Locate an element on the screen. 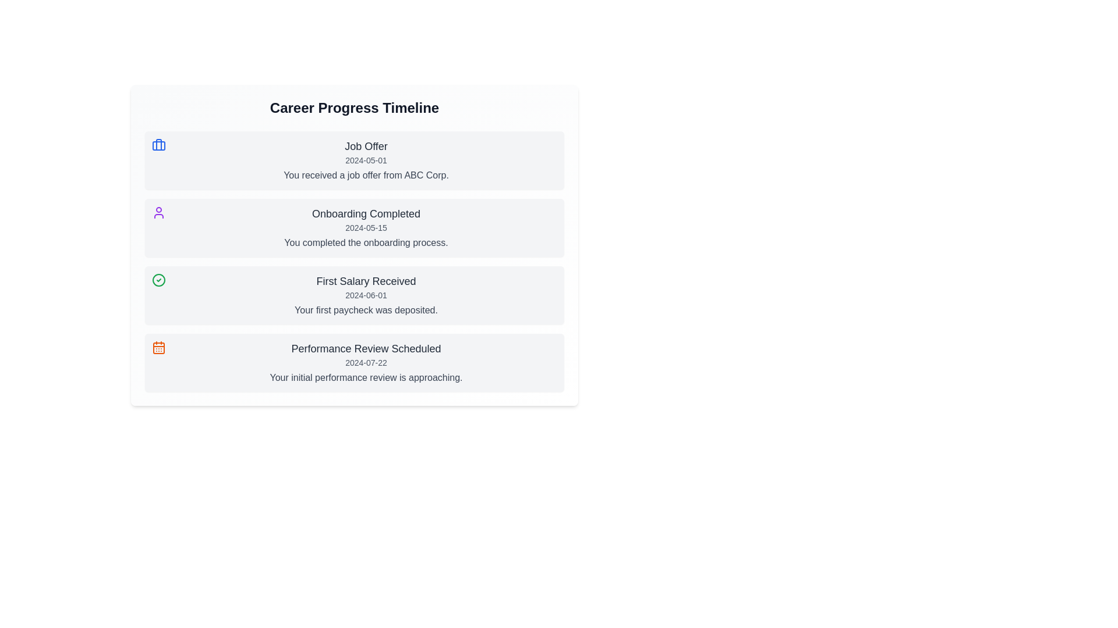  the text label displaying 'Your first paycheck was deposited.' which is located below the '2024-06-01' label in the timeline event component titled 'First Salary Received' is located at coordinates (365, 309).